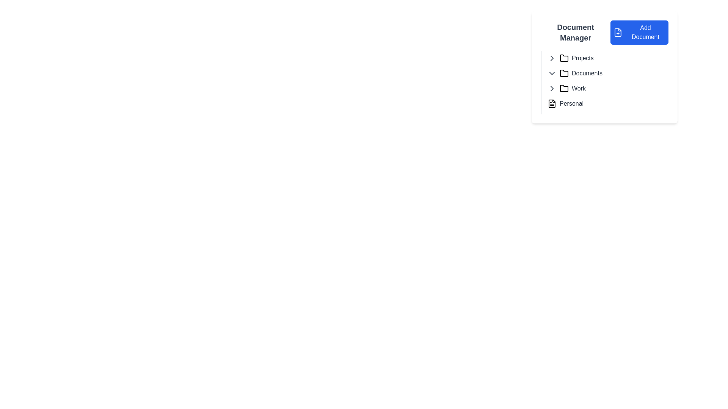  Describe the element at coordinates (564, 73) in the screenshot. I see `the folder icon in the Documents section of the Document Manager interface` at that location.